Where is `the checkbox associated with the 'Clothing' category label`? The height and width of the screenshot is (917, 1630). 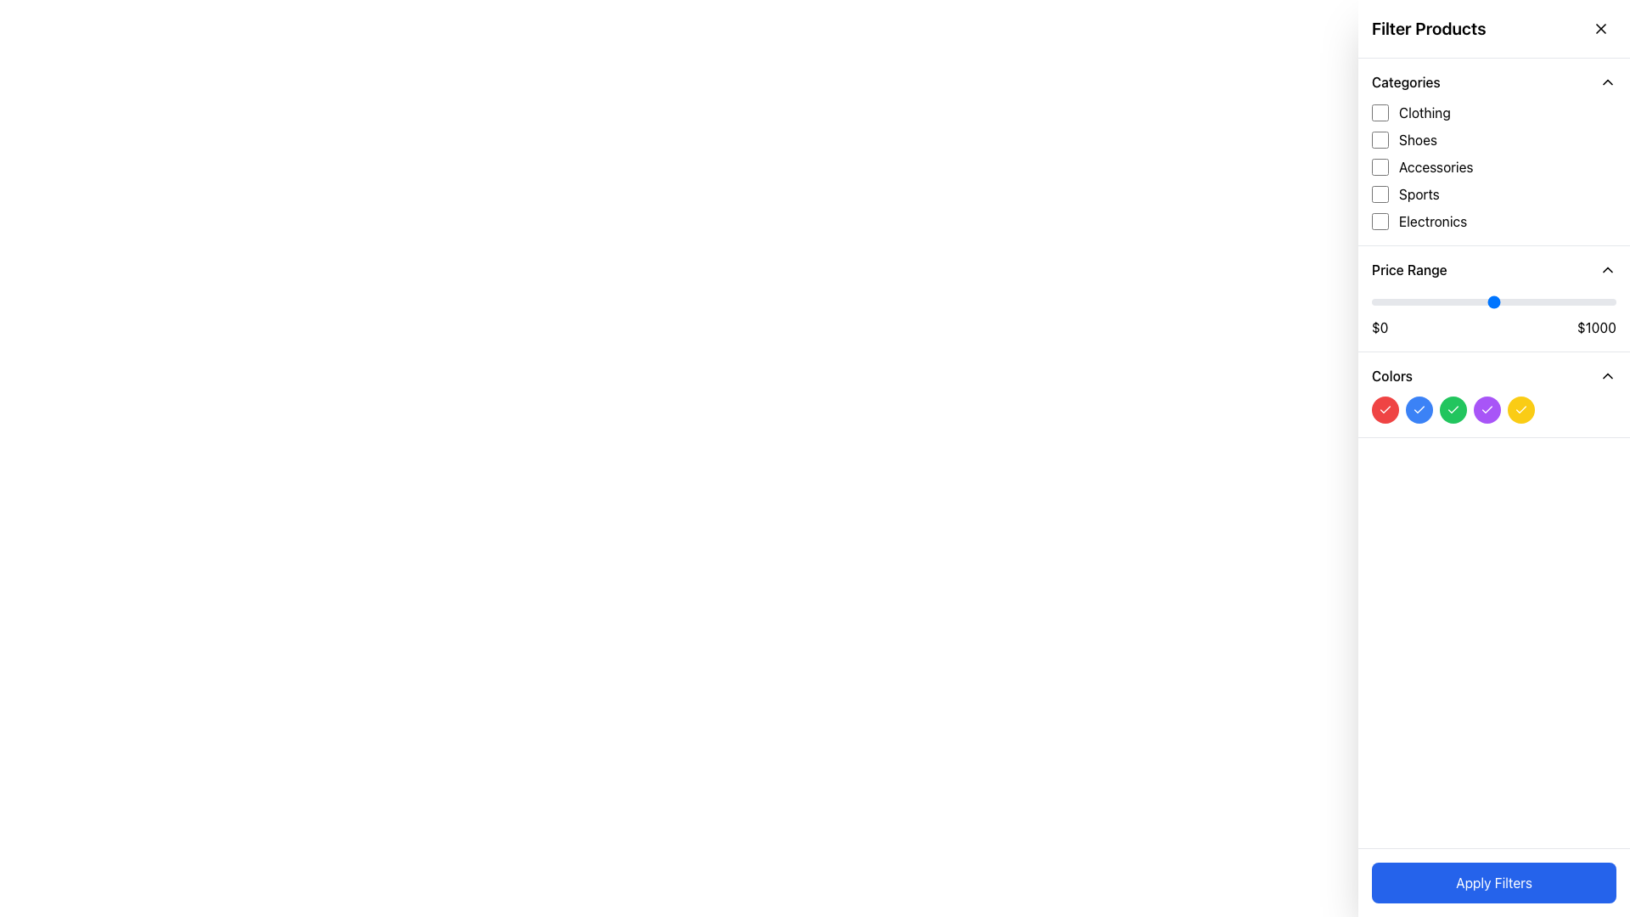 the checkbox associated with the 'Clothing' category label is located at coordinates (1425, 112).